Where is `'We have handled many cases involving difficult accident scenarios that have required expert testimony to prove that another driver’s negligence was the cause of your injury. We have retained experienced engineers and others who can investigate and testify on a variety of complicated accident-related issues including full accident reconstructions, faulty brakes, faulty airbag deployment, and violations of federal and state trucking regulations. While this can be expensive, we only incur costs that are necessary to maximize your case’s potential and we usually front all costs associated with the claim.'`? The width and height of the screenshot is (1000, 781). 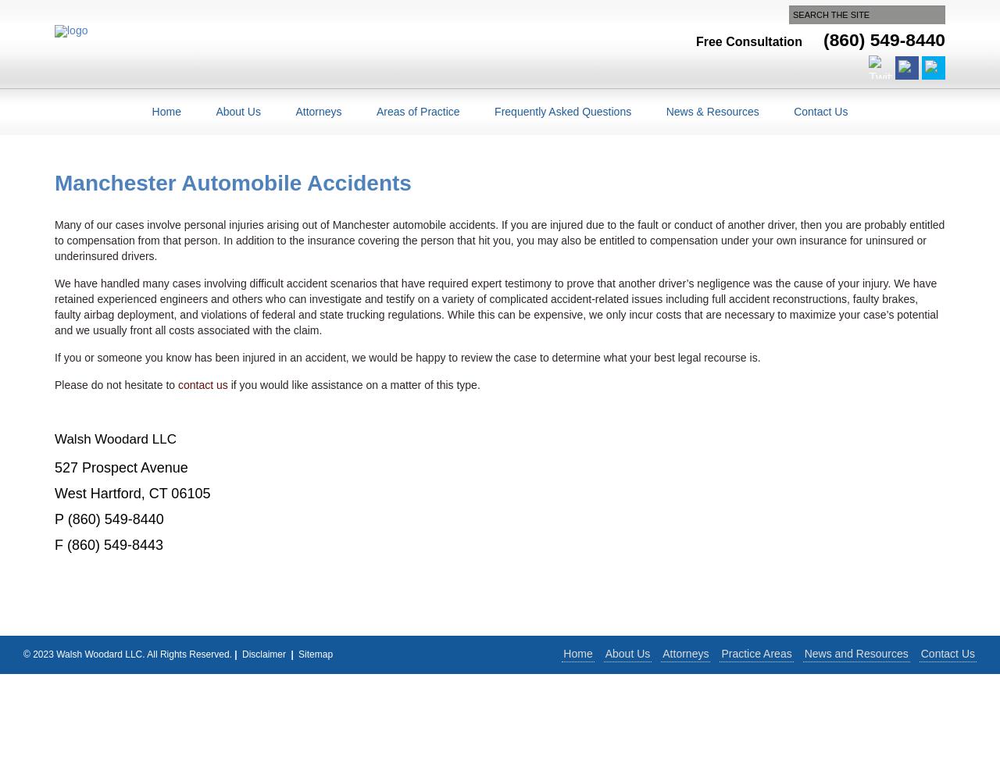
'We have handled many cases involving difficult accident scenarios that have required expert testimony to prove that another driver’s negligence was the cause of your injury. We have retained experienced engineers and others who can investigate and testify on a variety of complicated accident-related issues including full accident reconstructions, faulty brakes, faulty airbag deployment, and violations of federal and state trucking regulations. While this can be expensive, we only incur costs that are necessary to maximize your case’s potential and we usually front all costs associated with the claim.' is located at coordinates (495, 306).